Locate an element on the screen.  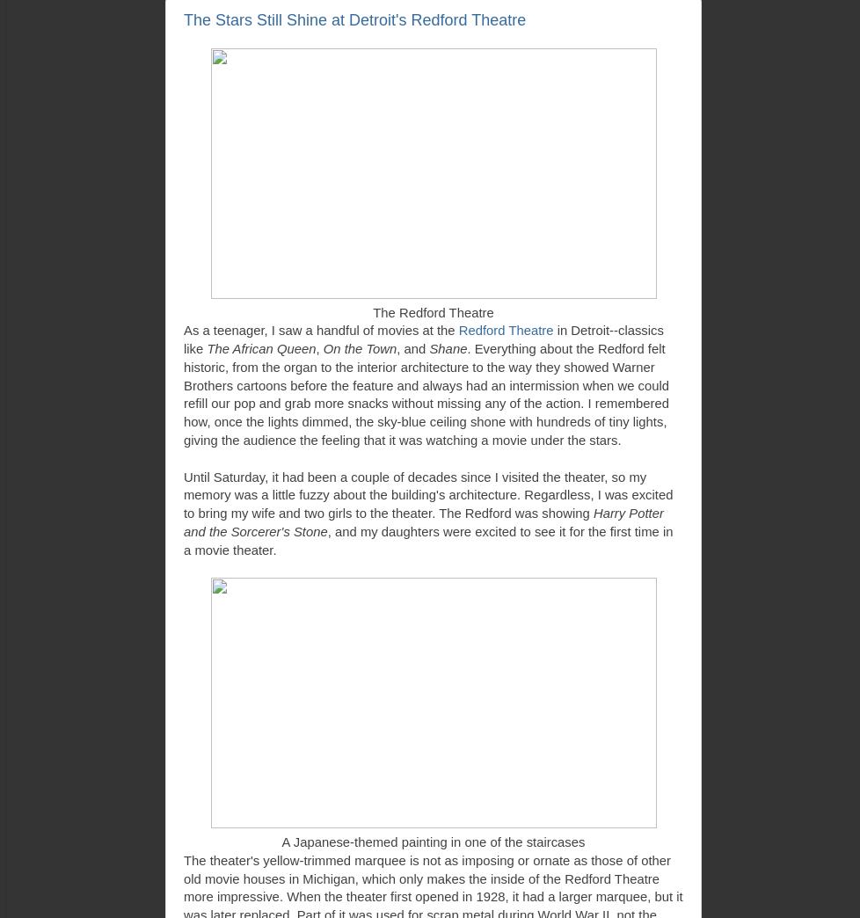
'. Everything about the Redford felt historic, from the organ to the interior architecture to the way they showed Warner Brothers cartoons before the feature and always had an intermission when we could refill our pop and grab more snacks without missing any of the action. I remembered how, once the lights dimmed, the sky-blue ceiling shone with hundreds of tiny lights, giving the audience the feeling that it was watching a movie under the stars.' is located at coordinates (425, 393).